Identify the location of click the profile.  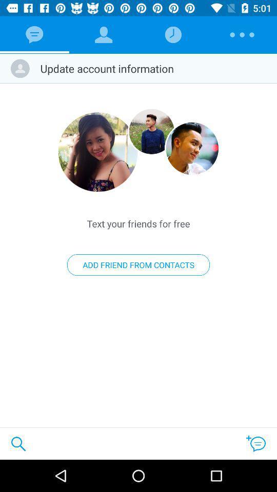
(98, 151).